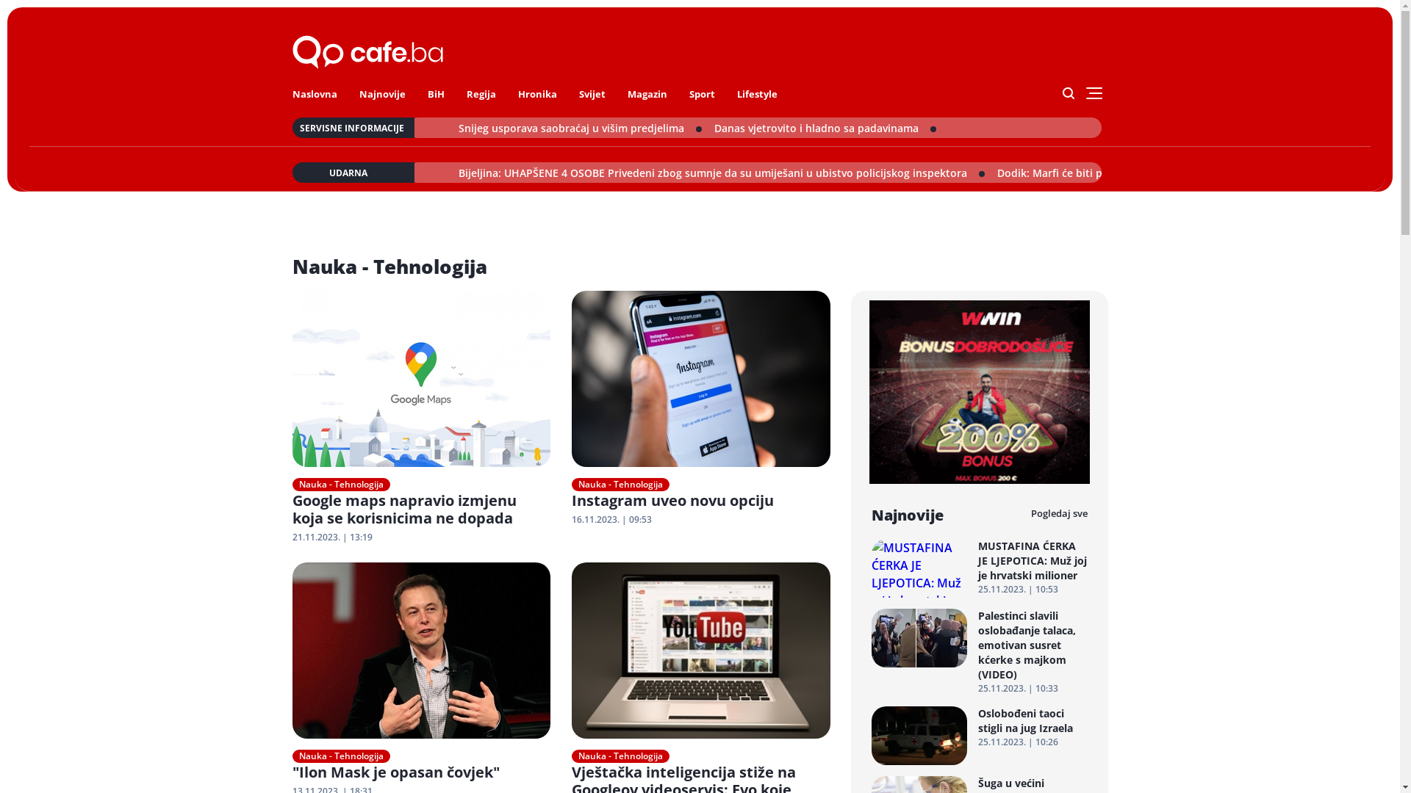 The height and width of the screenshot is (793, 1411). Describe the element at coordinates (314, 93) in the screenshot. I see `'Naslovna'` at that location.